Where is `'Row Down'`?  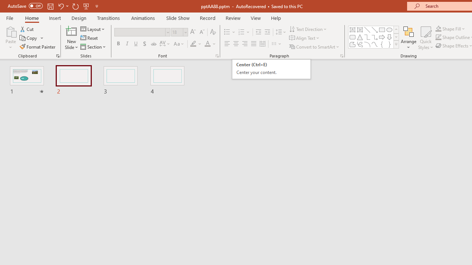
'Row Down' is located at coordinates (396, 37).